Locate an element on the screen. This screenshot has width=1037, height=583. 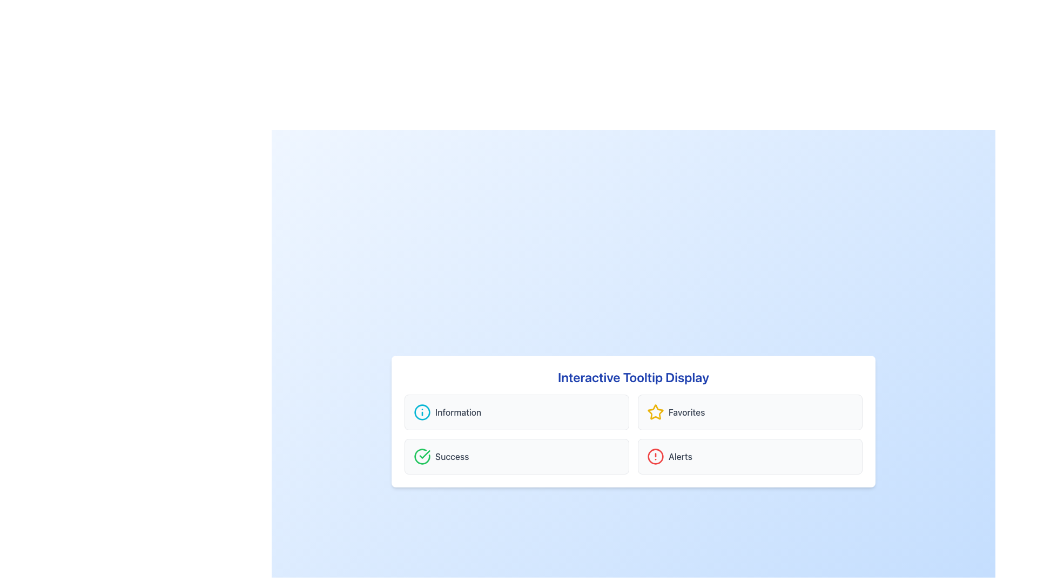
the Status Icon located at the top-left corner of the 'Success' status display is located at coordinates (422, 456).